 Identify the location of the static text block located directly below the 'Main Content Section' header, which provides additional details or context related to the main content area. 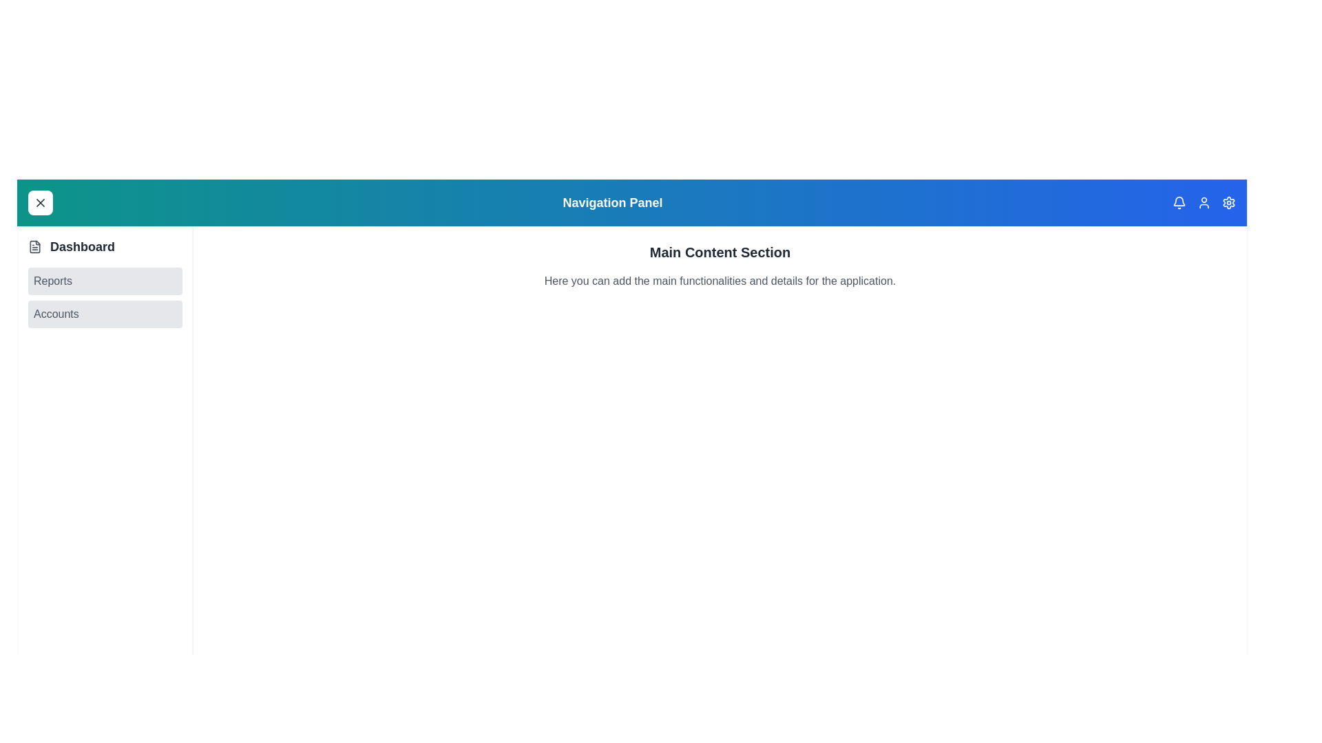
(720, 280).